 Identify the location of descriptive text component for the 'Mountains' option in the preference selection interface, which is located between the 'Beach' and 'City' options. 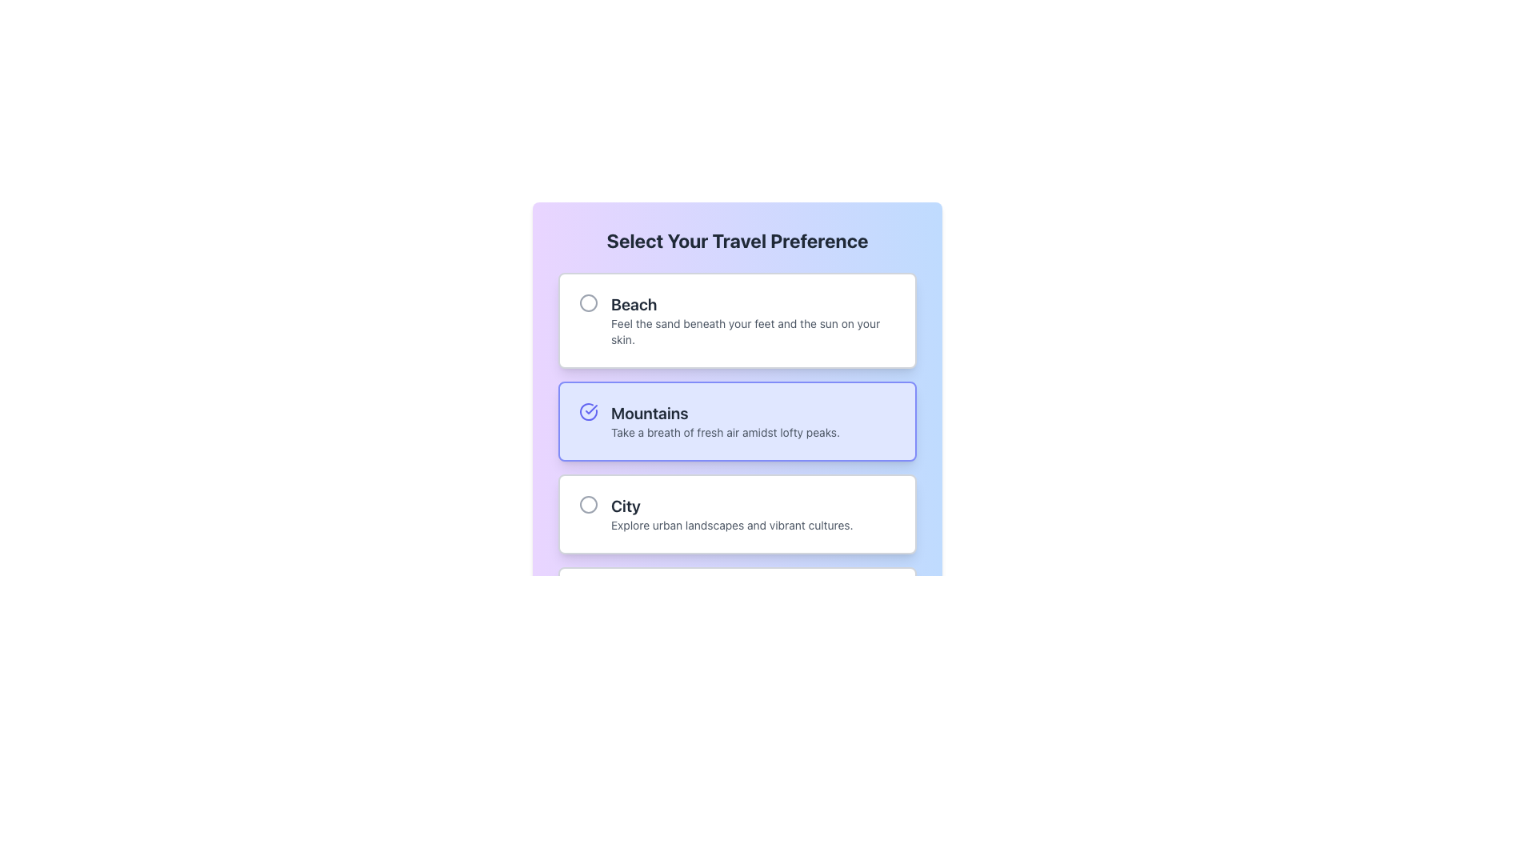
(725, 421).